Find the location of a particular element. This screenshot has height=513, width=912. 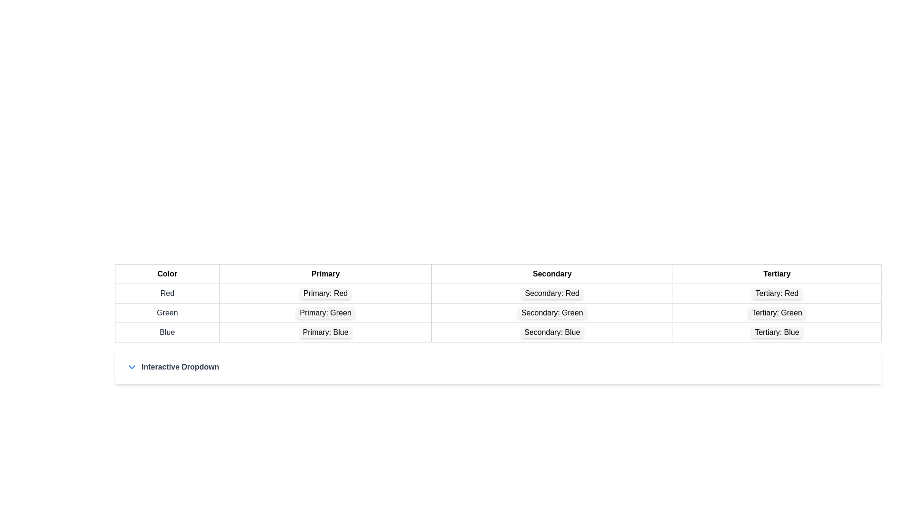

text from the rectangular badge labeled 'Tertiary: Blue', which has a light gray background and black sans-serif font is located at coordinates (777, 332).